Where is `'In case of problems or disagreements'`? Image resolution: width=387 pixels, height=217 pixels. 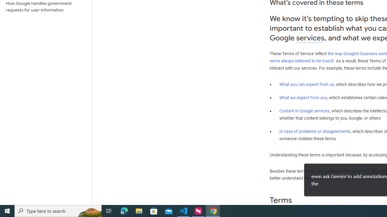 'In case of problems or disagreements' is located at coordinates (314, 131).